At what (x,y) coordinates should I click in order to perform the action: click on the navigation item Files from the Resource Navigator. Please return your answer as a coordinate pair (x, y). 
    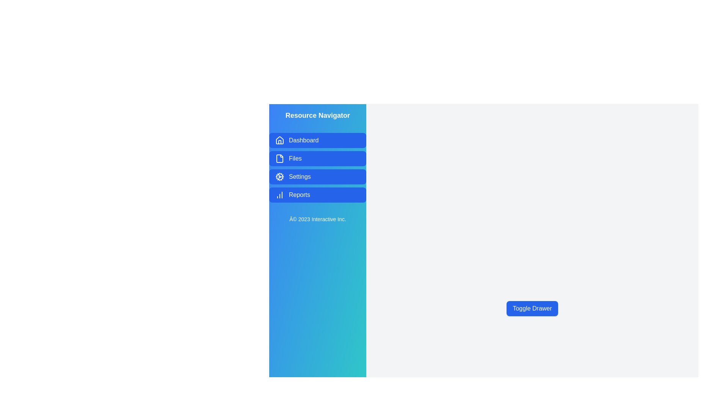
    Looking at the image, I should click on (318, 158).